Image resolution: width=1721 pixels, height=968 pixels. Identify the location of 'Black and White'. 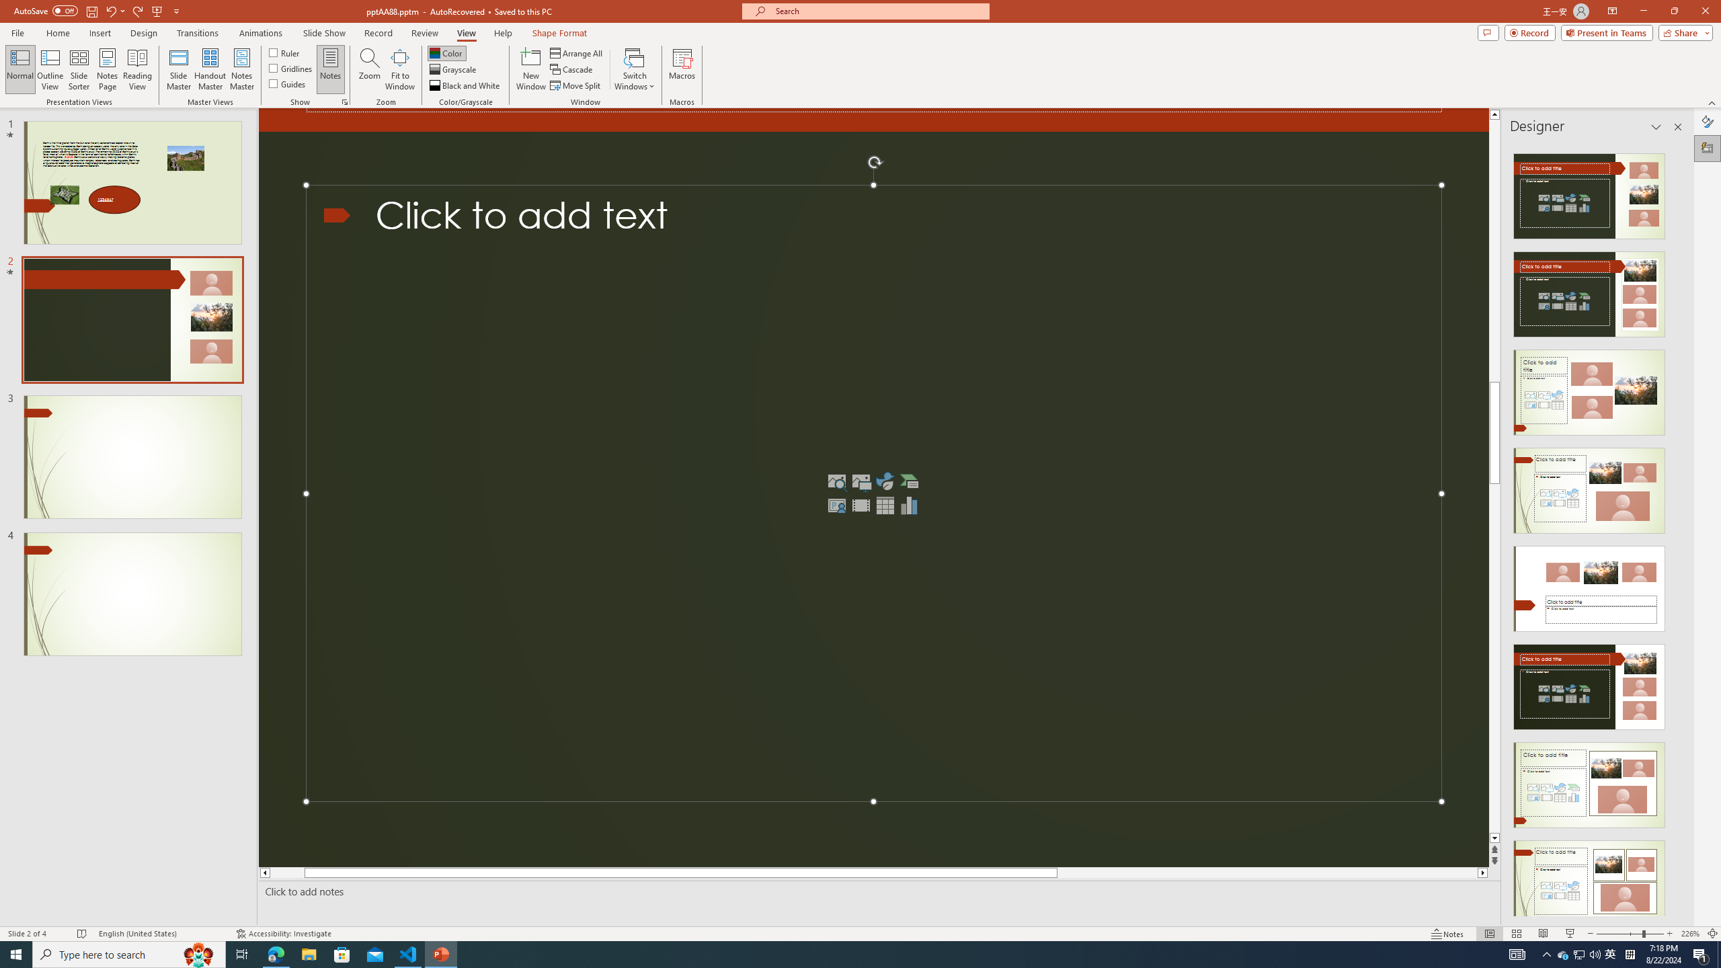
(465, 85).